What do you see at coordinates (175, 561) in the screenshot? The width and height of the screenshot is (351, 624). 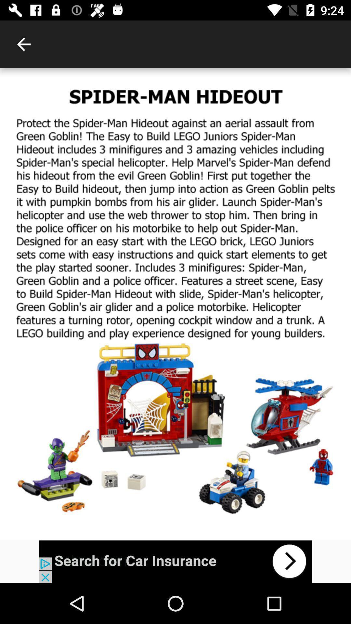 I see `search` at bounding box center [175, 561].